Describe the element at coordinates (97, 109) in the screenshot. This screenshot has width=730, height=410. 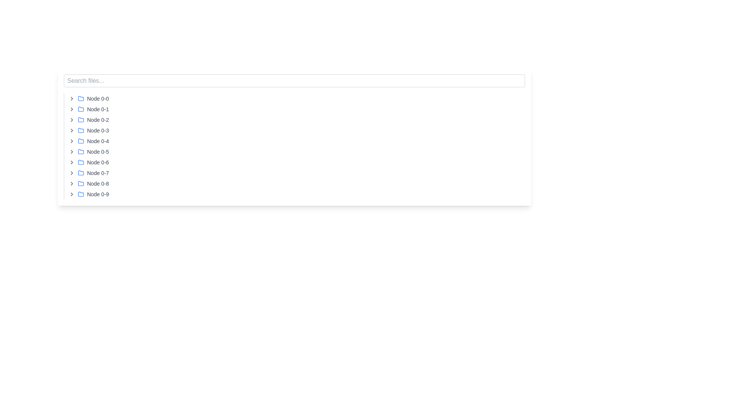
I see `the text label displaying 'Node 0-1', which is the third item in a file explorer list` at that location.